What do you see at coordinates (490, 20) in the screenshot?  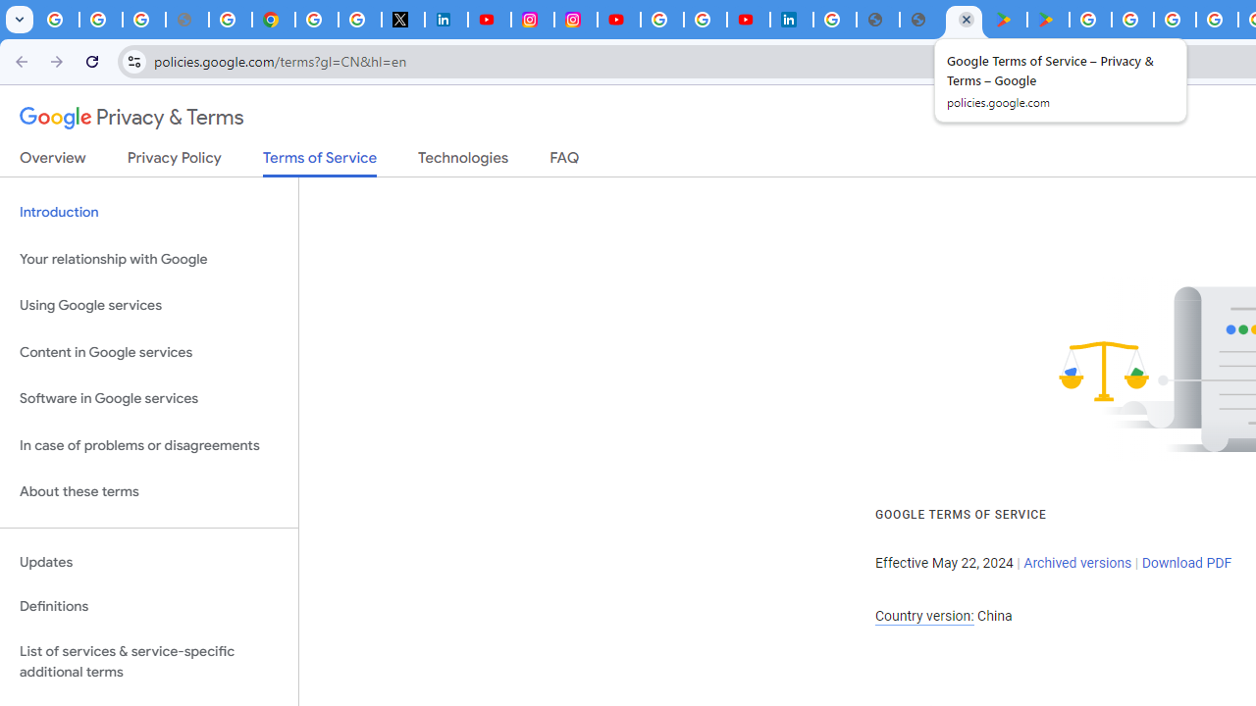 I see `'YouTube Content Monetization Policies - How YouTube Works'` at bounding box center [490, 20].